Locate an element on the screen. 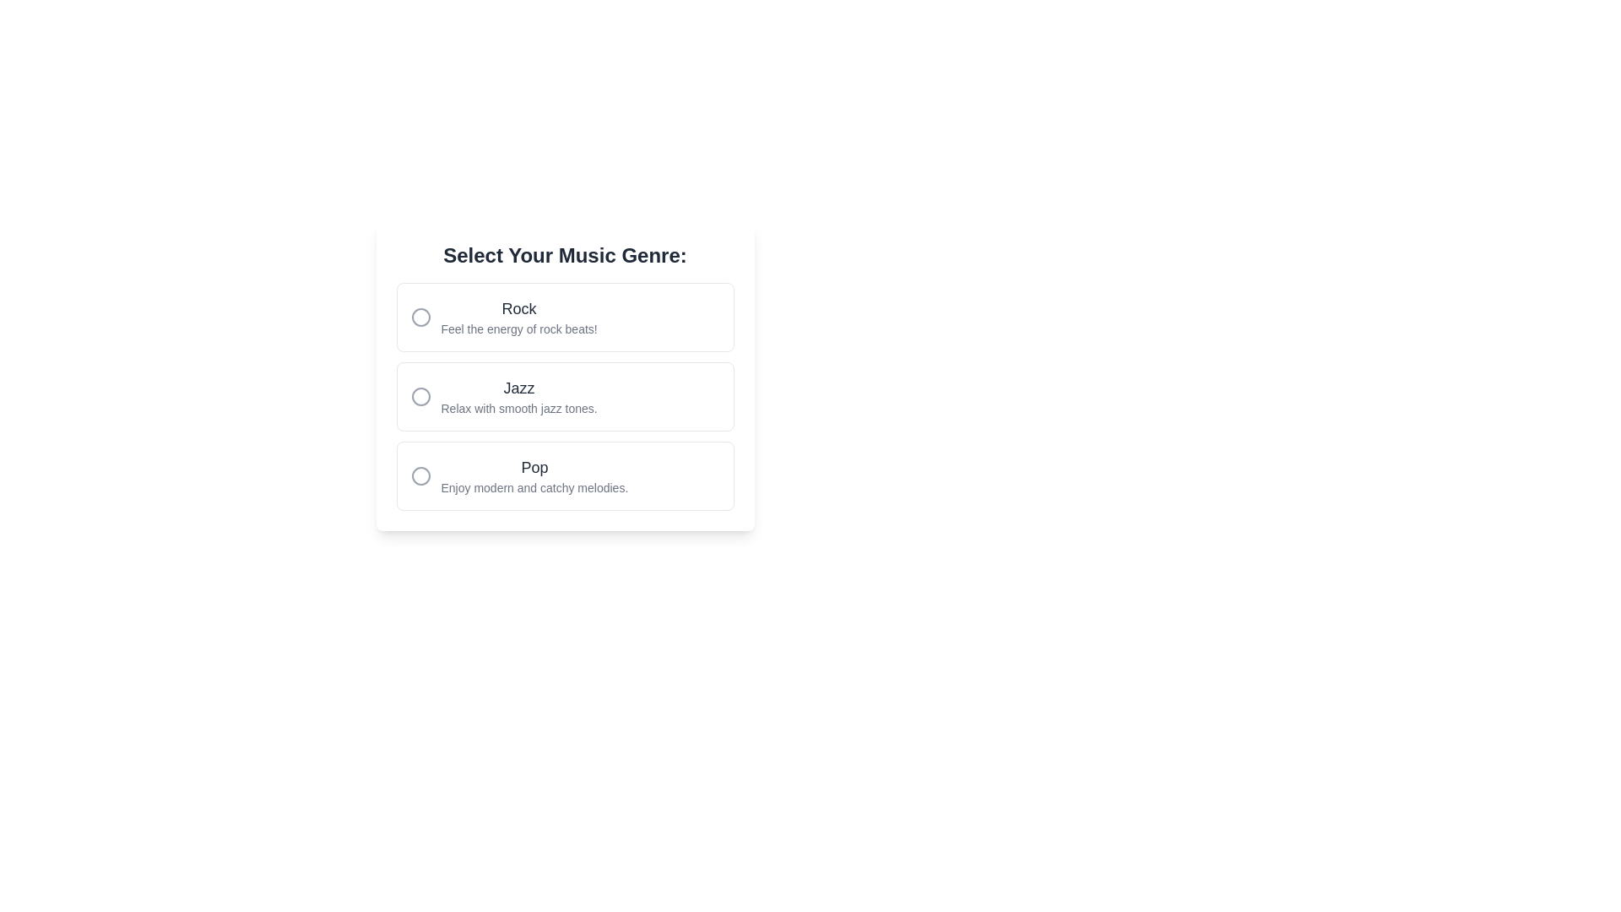  the radio button for the 'Jazz' music genre is located at coordinates (565, 397).